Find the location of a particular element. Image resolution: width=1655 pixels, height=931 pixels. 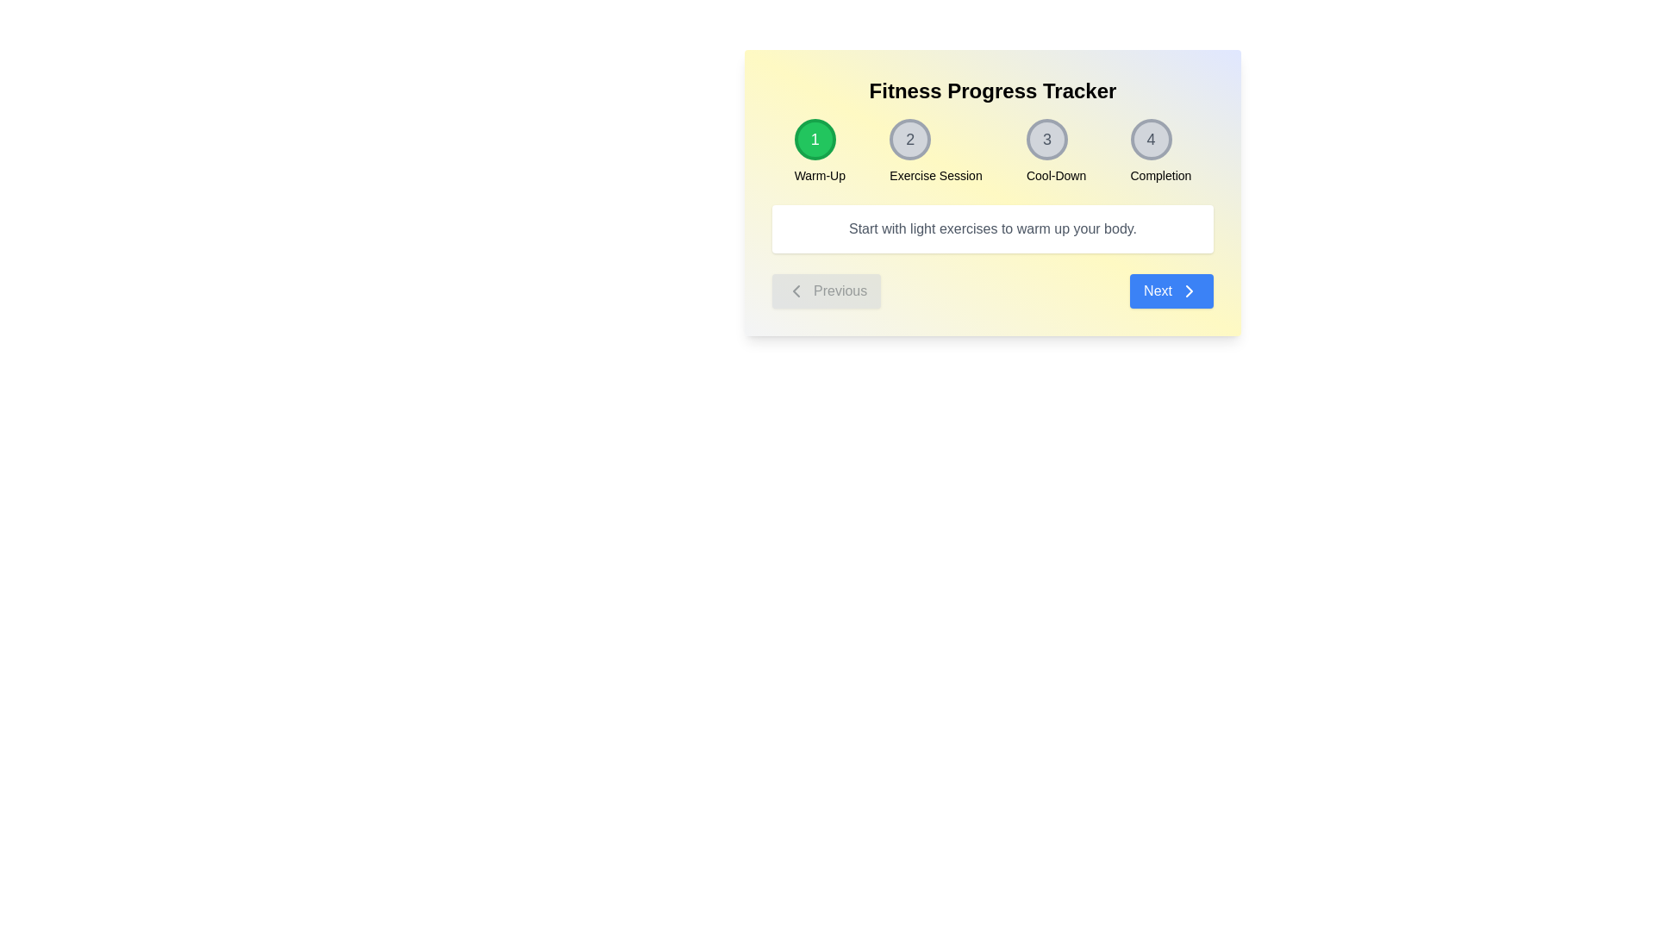

the circular Step Indicator icon displaying the numeral '3' with the text 'Cool-Down' below it is located at coordinates (1055, 151).